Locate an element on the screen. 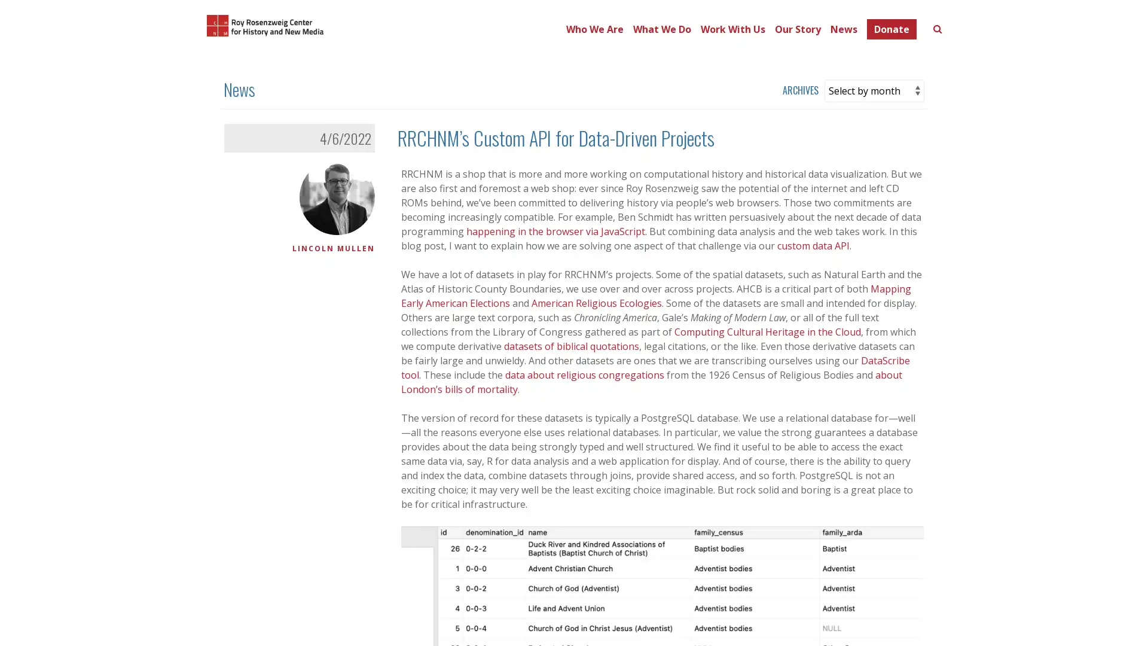 This screenshot has height=646, width=1148. Toggle search form is located at coordinates (937, 28).